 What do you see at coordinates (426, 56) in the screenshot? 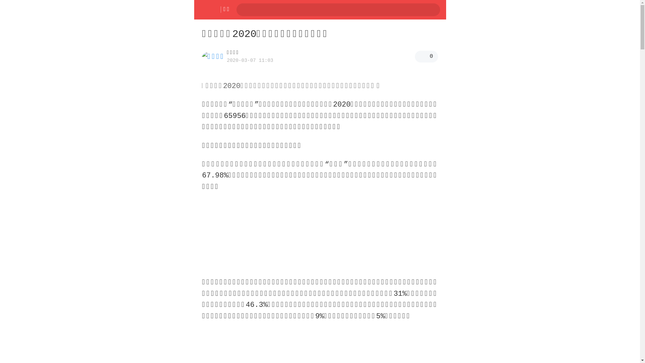
I see `'0'` at bounding box center [426, 56].